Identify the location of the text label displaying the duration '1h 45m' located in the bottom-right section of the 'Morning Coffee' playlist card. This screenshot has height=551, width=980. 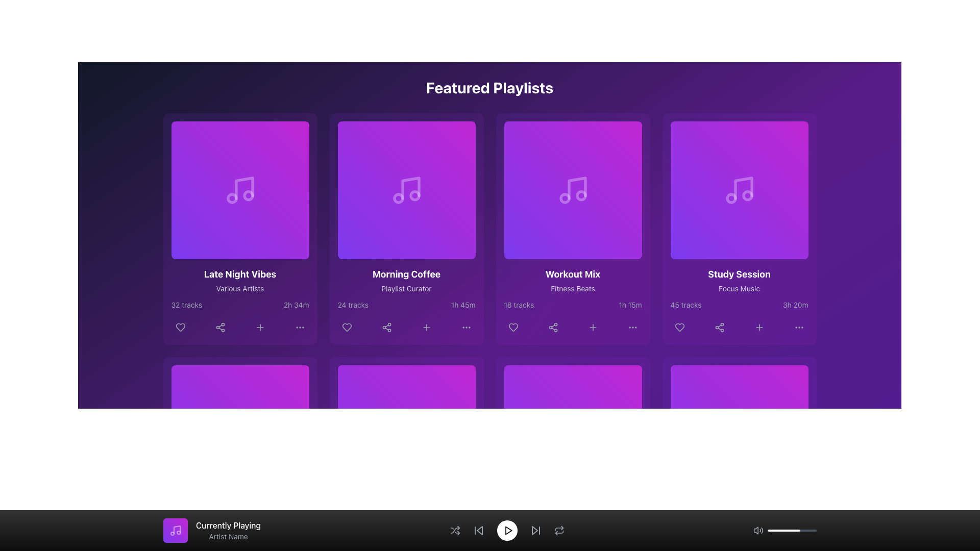
(462, 304).